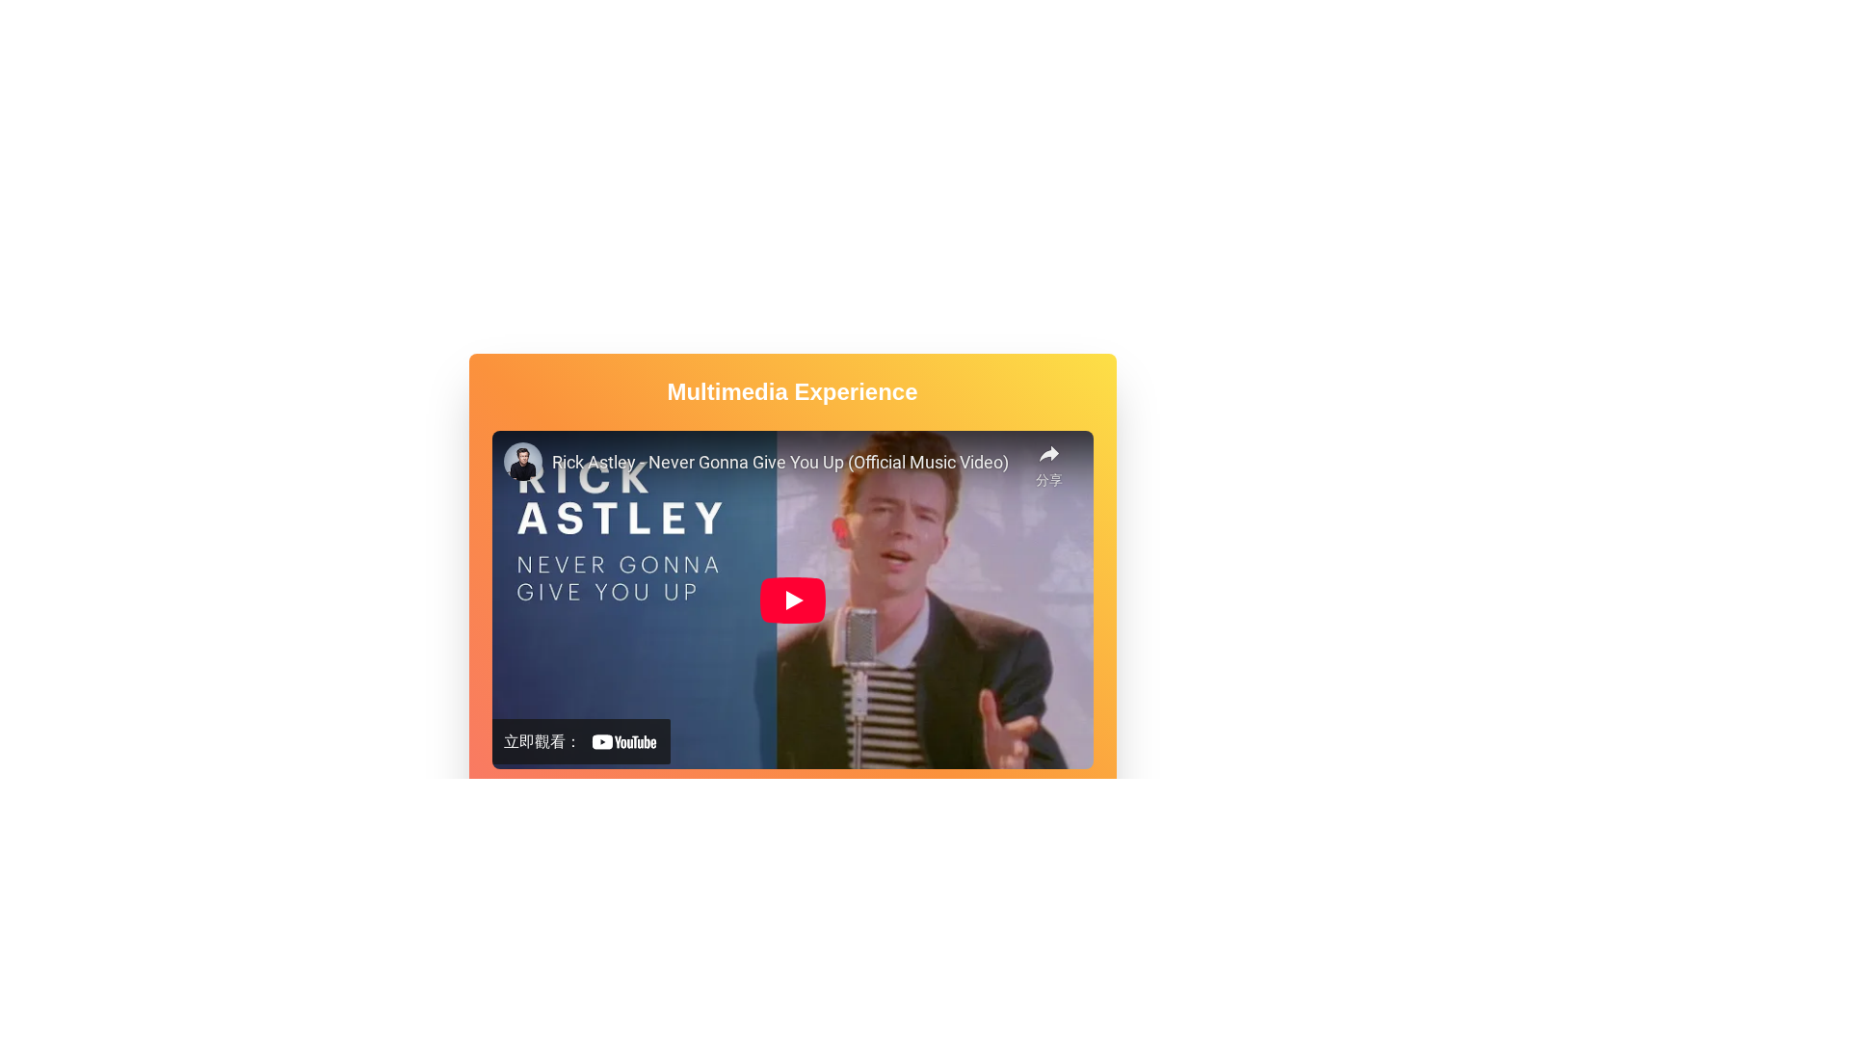  Describe the element at coordinates (792, 391) in the screenshot. I see `the prominent heading displaying the text 'Multimedia Experience' which is styled with white text color and aligned centrally on a gradient background` at that location.